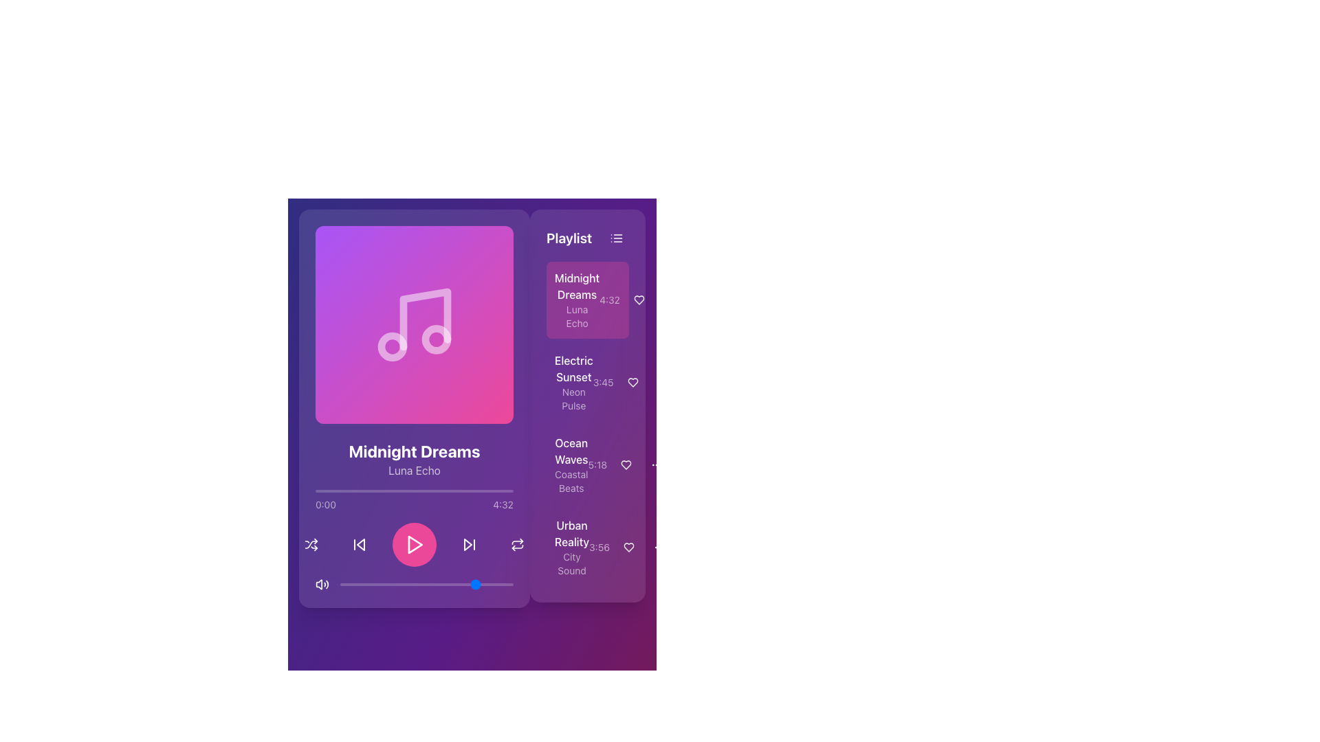 The height and width of the screenshot is (742, 1320). What do you see at coordinates (571, 464) in the screenshot?
I see `the text label displaying the music track's title and subtitle, located in the right panel of the playlist interface, specifically the third item between 'Electric Sunset' and 'Urban Reality.'` at bounding box center [571, 464].